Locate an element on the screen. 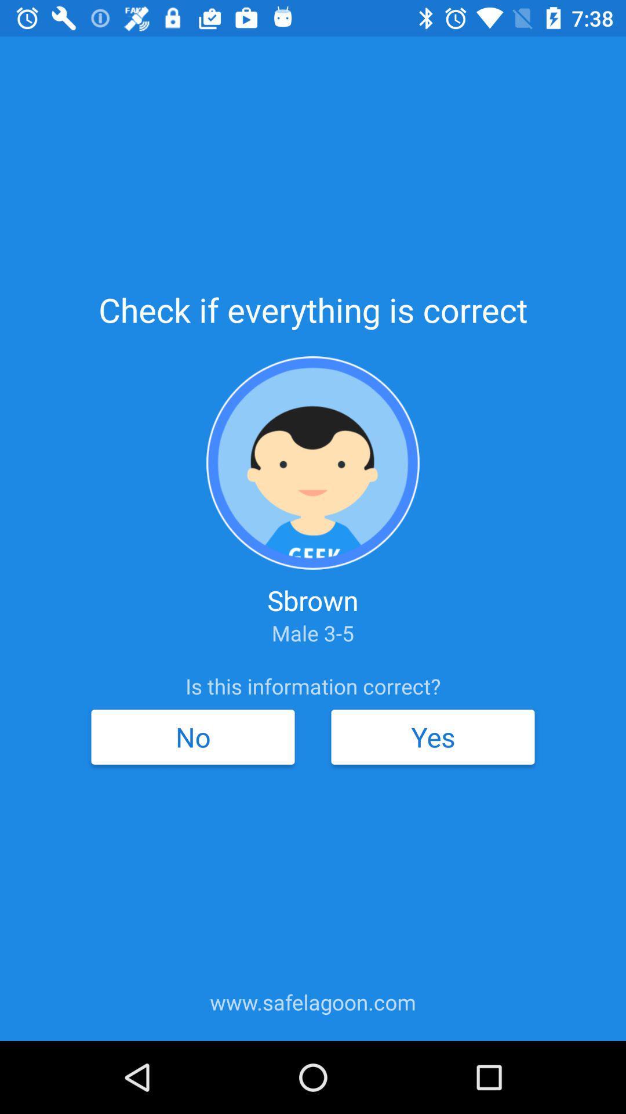  the icon next to the yes item is located at coordinates (192, 736).